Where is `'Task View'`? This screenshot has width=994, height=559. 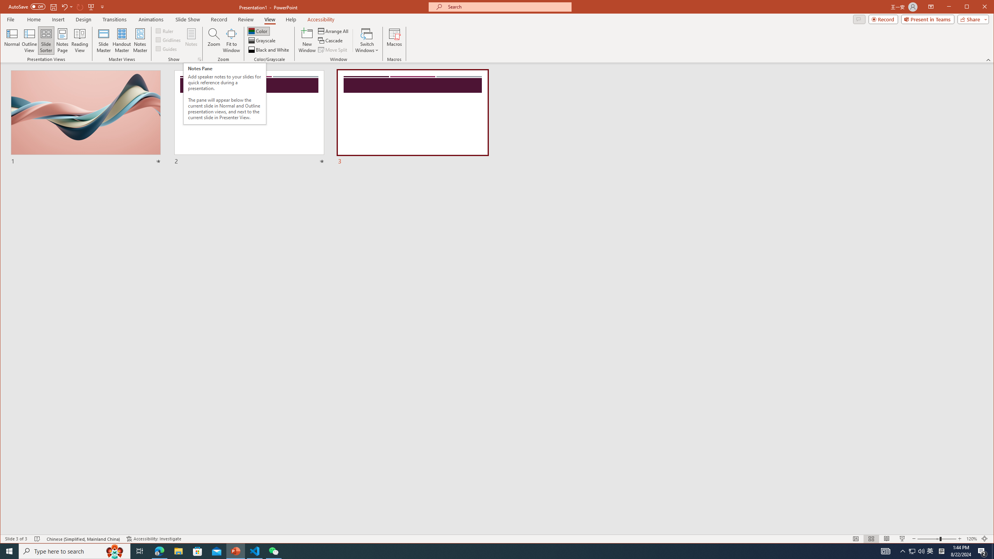
'Task View' is located at coordinates (139, 550).